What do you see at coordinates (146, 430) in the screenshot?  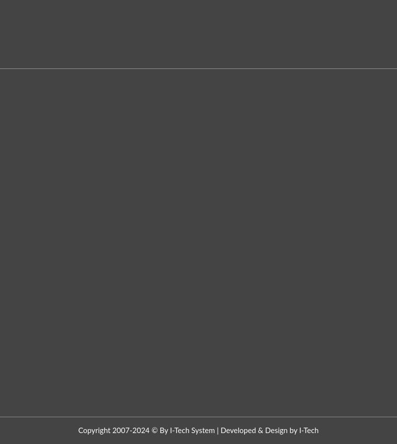 I see `'Copyright 2007-2024 © By I-Tech System'` at bounding box center [146, 430].